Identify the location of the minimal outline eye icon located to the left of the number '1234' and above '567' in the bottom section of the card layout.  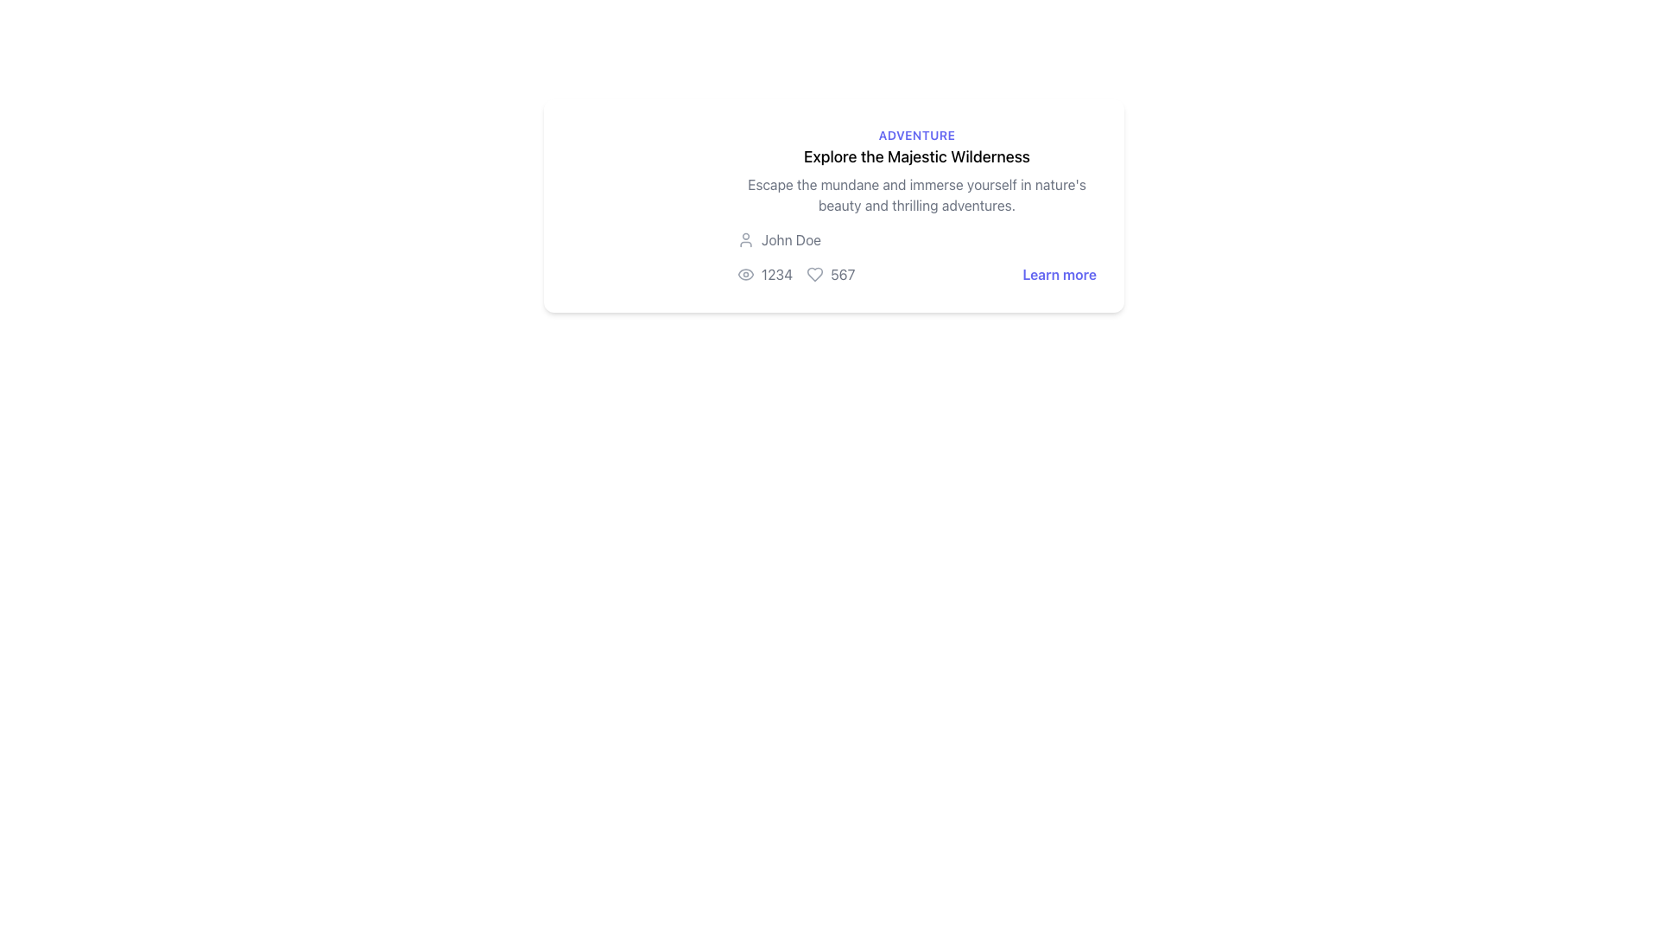
(746, 272).